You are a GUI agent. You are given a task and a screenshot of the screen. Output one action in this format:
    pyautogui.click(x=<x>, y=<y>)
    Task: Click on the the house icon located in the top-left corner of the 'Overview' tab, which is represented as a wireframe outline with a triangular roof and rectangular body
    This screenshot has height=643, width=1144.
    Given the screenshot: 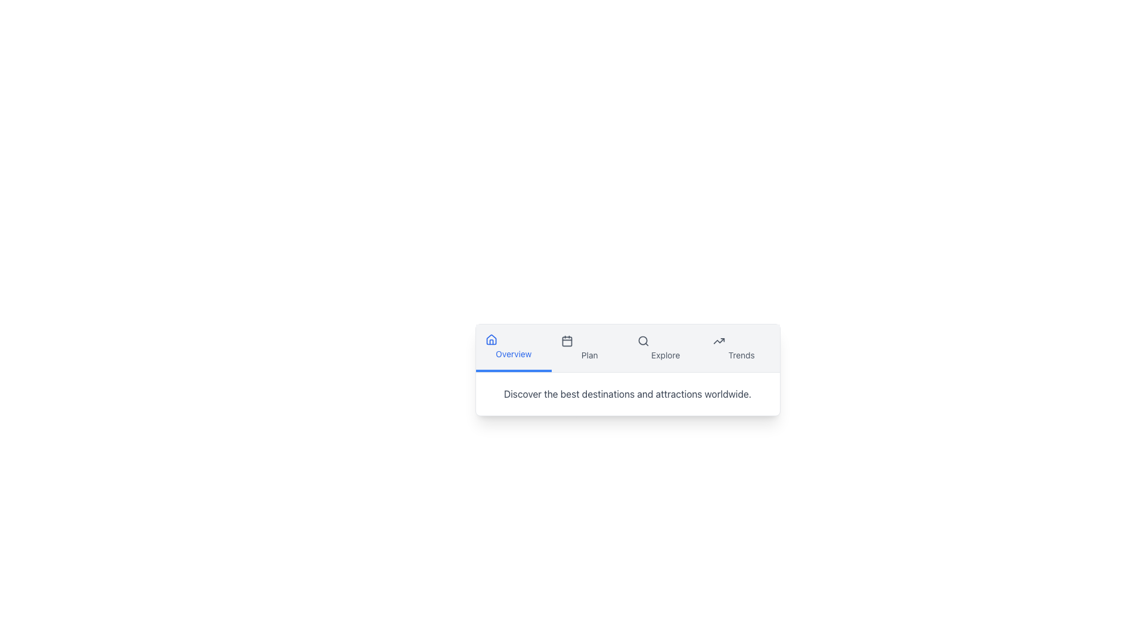 What is the action you would take?
    pyautogui.click(x=491, y=339)
    